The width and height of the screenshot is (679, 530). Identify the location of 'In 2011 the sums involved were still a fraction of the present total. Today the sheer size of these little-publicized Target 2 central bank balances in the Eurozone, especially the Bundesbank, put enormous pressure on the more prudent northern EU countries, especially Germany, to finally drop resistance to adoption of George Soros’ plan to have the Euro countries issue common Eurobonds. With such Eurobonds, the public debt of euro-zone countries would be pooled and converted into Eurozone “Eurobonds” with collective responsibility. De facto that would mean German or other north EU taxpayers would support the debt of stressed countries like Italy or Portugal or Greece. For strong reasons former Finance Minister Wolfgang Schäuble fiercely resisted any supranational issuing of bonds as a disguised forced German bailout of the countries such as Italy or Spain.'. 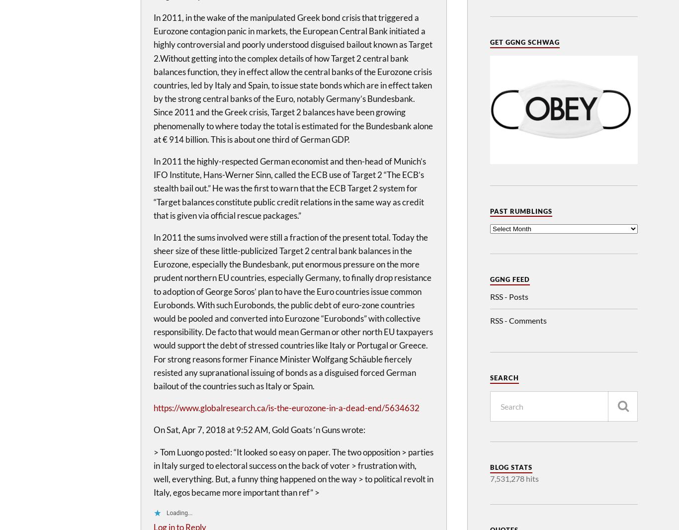
(153, 310).